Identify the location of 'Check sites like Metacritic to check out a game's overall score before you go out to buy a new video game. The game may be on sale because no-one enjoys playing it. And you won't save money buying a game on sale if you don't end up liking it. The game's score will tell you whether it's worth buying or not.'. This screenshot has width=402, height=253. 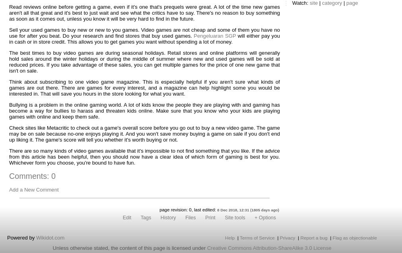
(144, 134).